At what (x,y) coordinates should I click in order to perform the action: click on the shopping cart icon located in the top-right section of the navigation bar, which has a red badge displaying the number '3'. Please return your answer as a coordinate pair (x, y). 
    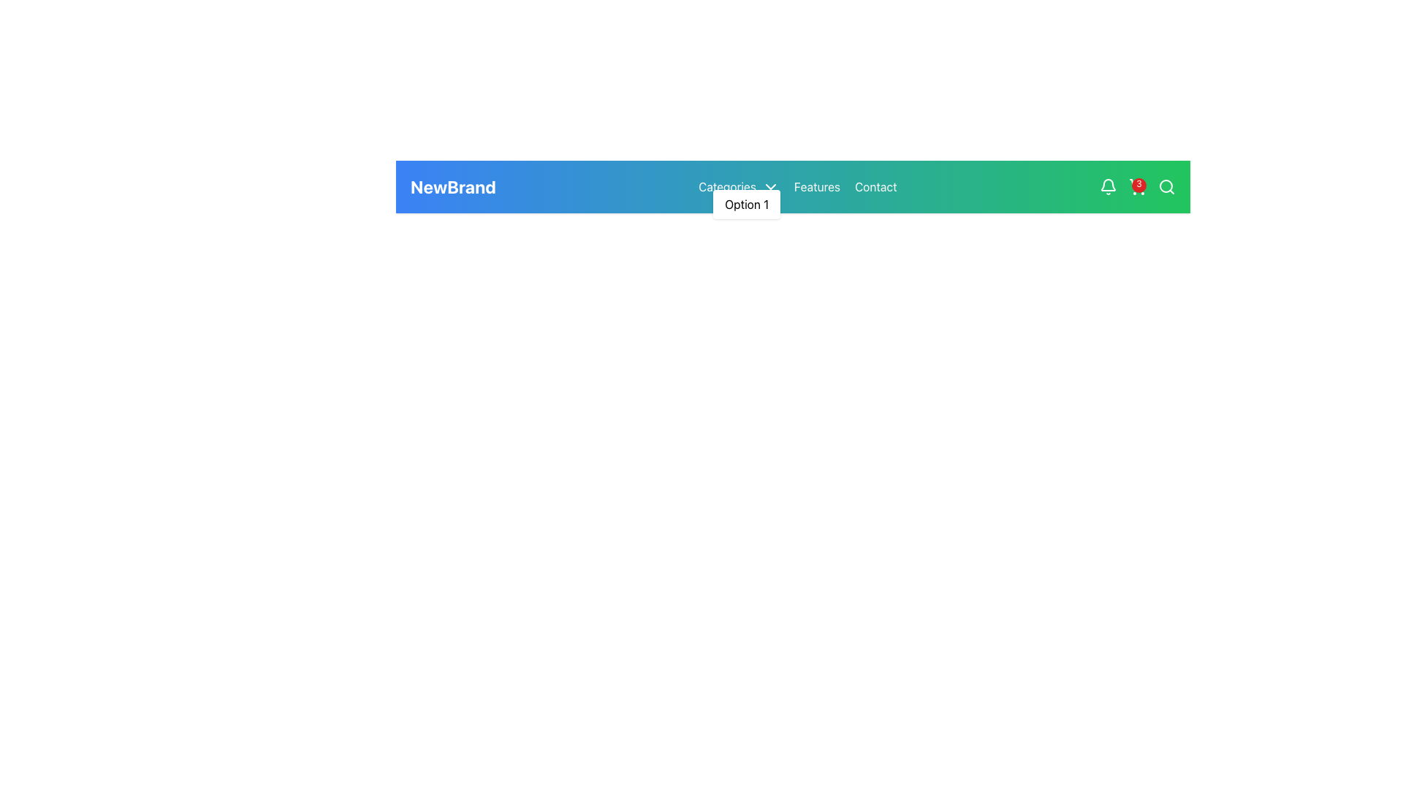
    Looking at the image, I should click on (1136, 186).